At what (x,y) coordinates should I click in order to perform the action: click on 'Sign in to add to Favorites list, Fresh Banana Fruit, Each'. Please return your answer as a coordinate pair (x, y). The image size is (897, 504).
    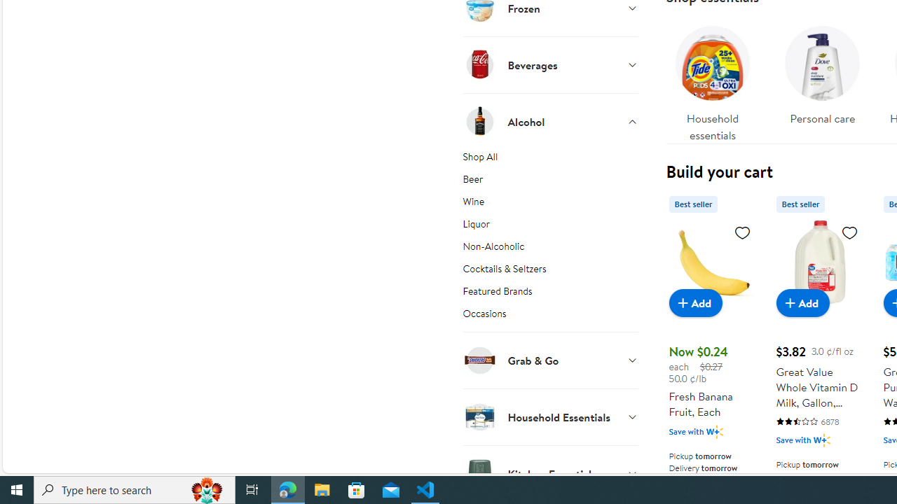
    Looking at the image, I should click on (741, 231).